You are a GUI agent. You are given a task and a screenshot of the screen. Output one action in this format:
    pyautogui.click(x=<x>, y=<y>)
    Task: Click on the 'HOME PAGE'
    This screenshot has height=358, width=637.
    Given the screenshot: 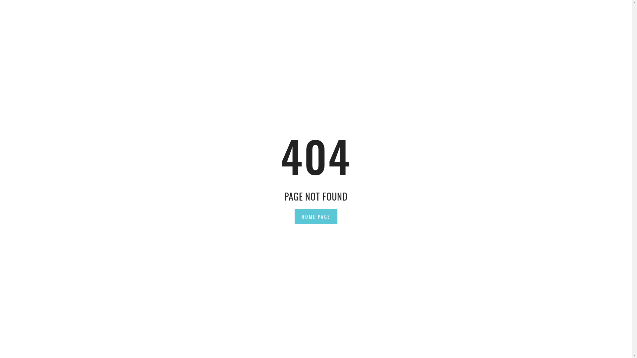 What is the action you would take?
    pyautogui.click(x=316, y=216)
    